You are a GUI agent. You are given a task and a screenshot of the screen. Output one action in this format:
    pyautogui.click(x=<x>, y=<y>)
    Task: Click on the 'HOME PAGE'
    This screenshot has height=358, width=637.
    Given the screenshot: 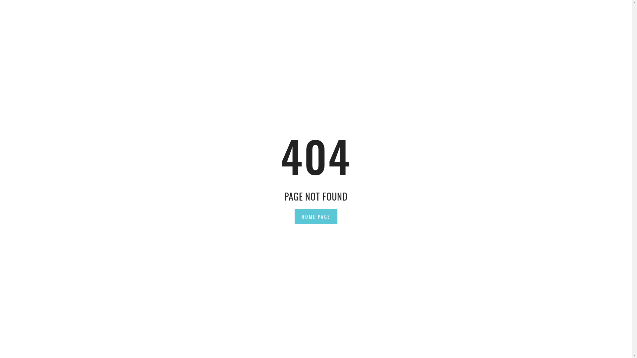 What is the action you would take?
    pyautogui.click(x=316, y=216)
    